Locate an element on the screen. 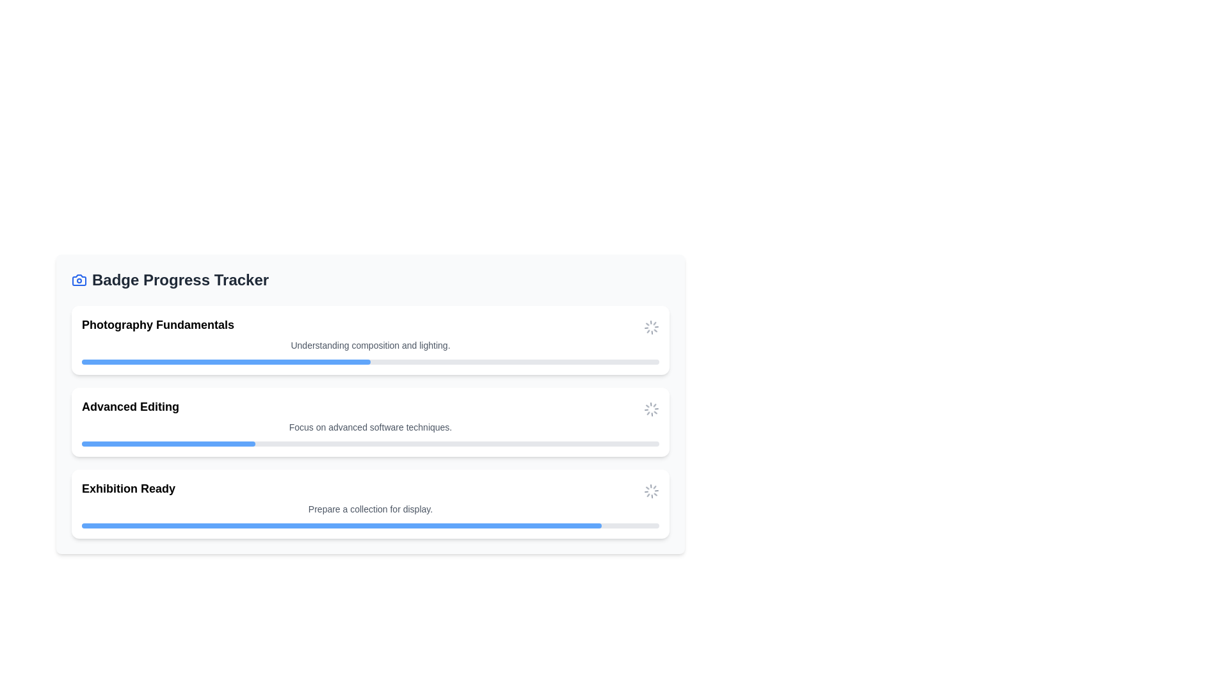 This screenshot has height=691, width=1229. the decorative icon located at the top left corner of the 'Badge Progress Tracker' header, which visually represents photography or progress tracking is located at coordinates (79, 280).